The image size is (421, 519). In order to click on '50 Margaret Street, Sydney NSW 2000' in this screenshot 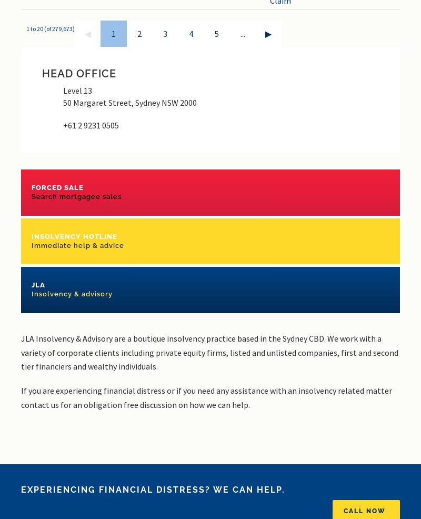, I will do `click(129, 102)`.